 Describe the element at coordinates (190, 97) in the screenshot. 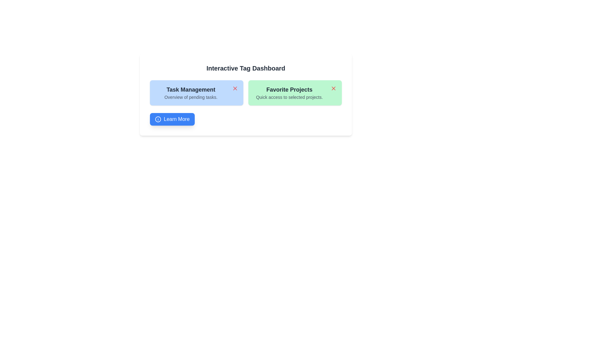

I see `the text description element located beneath the 'Task Management' heading within the blue-colored card` at that location.